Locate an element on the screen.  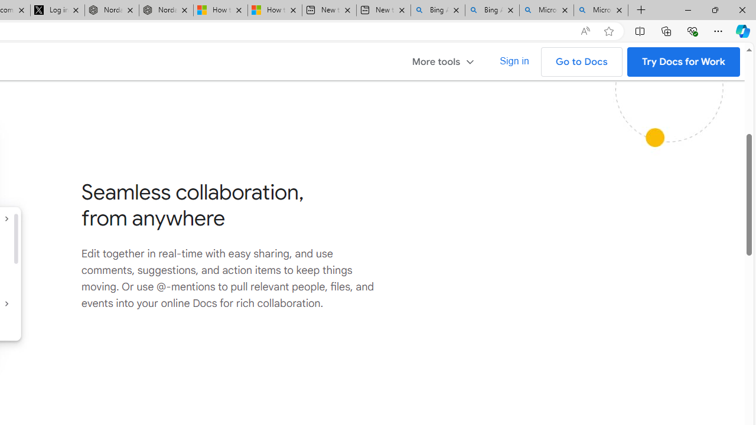
'Log in to X / X' is located at coordinates (57, 10).